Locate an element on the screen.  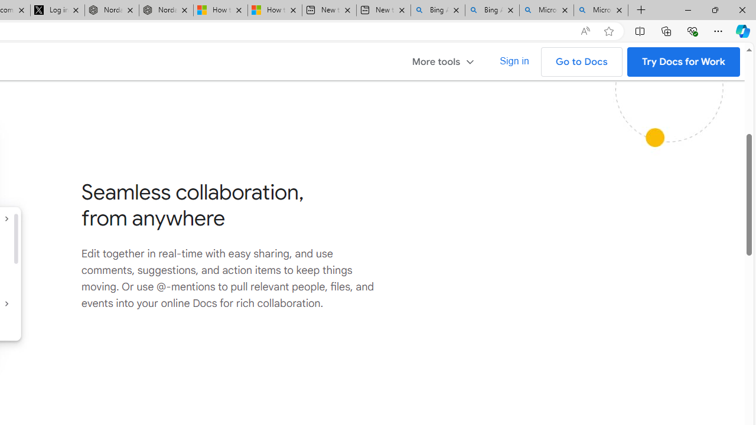
'Log in to X / X' is located at coordinates (57, 10).